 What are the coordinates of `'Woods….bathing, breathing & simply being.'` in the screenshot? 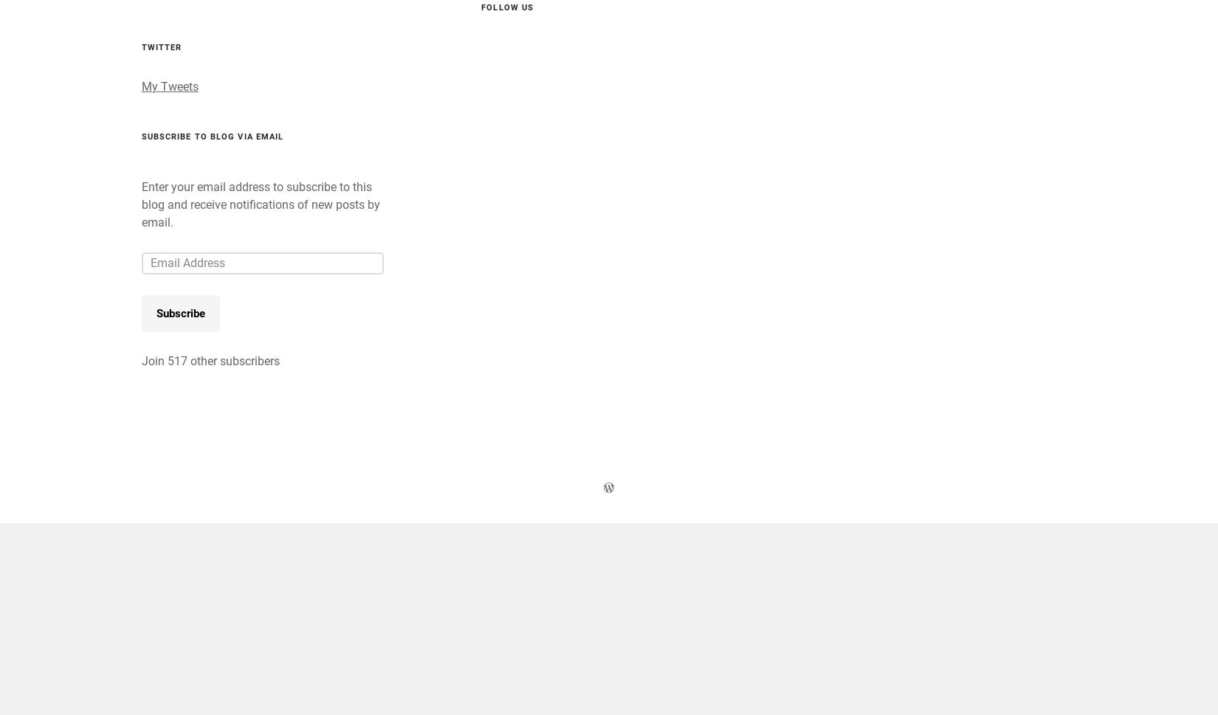 It's located at (605, 50).